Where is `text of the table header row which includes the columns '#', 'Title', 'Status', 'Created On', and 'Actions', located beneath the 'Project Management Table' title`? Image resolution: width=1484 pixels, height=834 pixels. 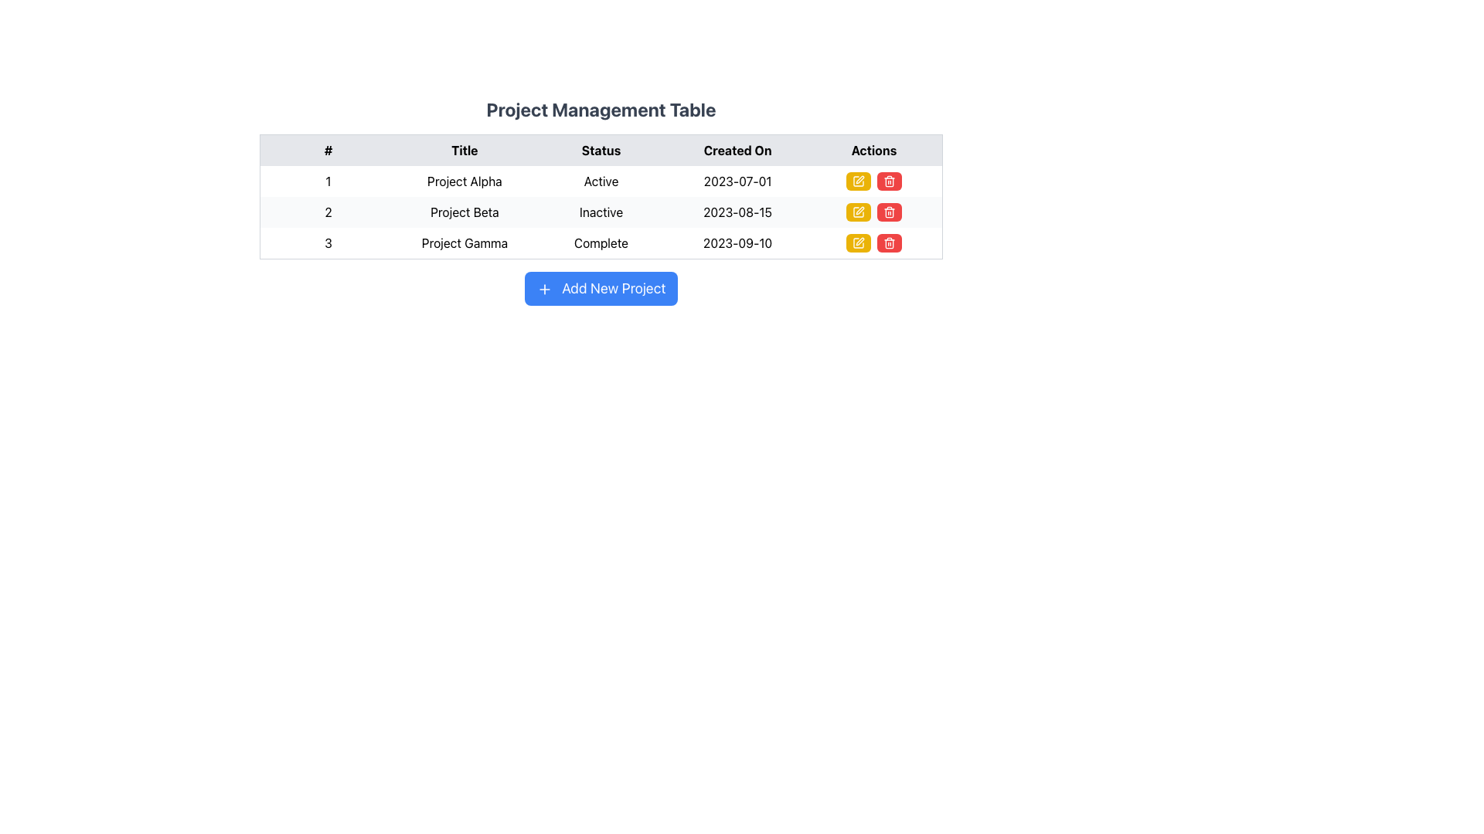 text of the table header row which includes the columns '#', 'Title', 'Status', 'Created On', and 'Actions', located beneath the 'Project Management Table' title is located at coordinates (600, 149).